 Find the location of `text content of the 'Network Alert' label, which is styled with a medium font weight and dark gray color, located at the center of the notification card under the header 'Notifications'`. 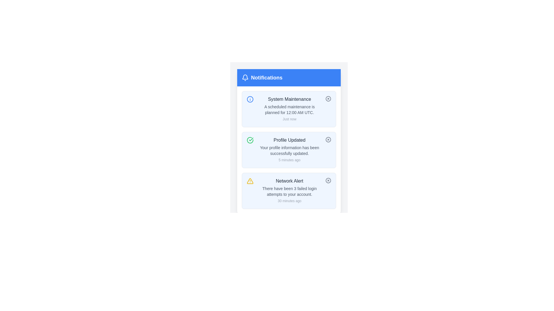

text content of the 'Network Alert' label, which is styled with a medium font weight and dark gray color, located at the center of the notification card under the header 'Notifications' is located at coordinates (289, 181).